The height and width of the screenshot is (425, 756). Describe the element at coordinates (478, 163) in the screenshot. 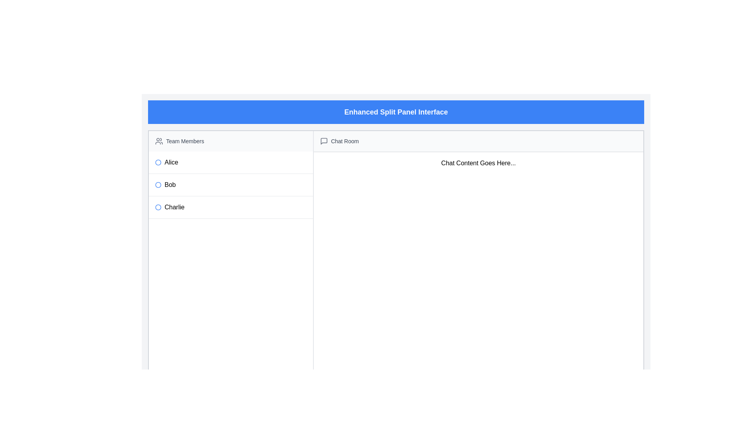

I see `the text block displaying 'Chat Content Goes Here...' in the chat interface` at that location.